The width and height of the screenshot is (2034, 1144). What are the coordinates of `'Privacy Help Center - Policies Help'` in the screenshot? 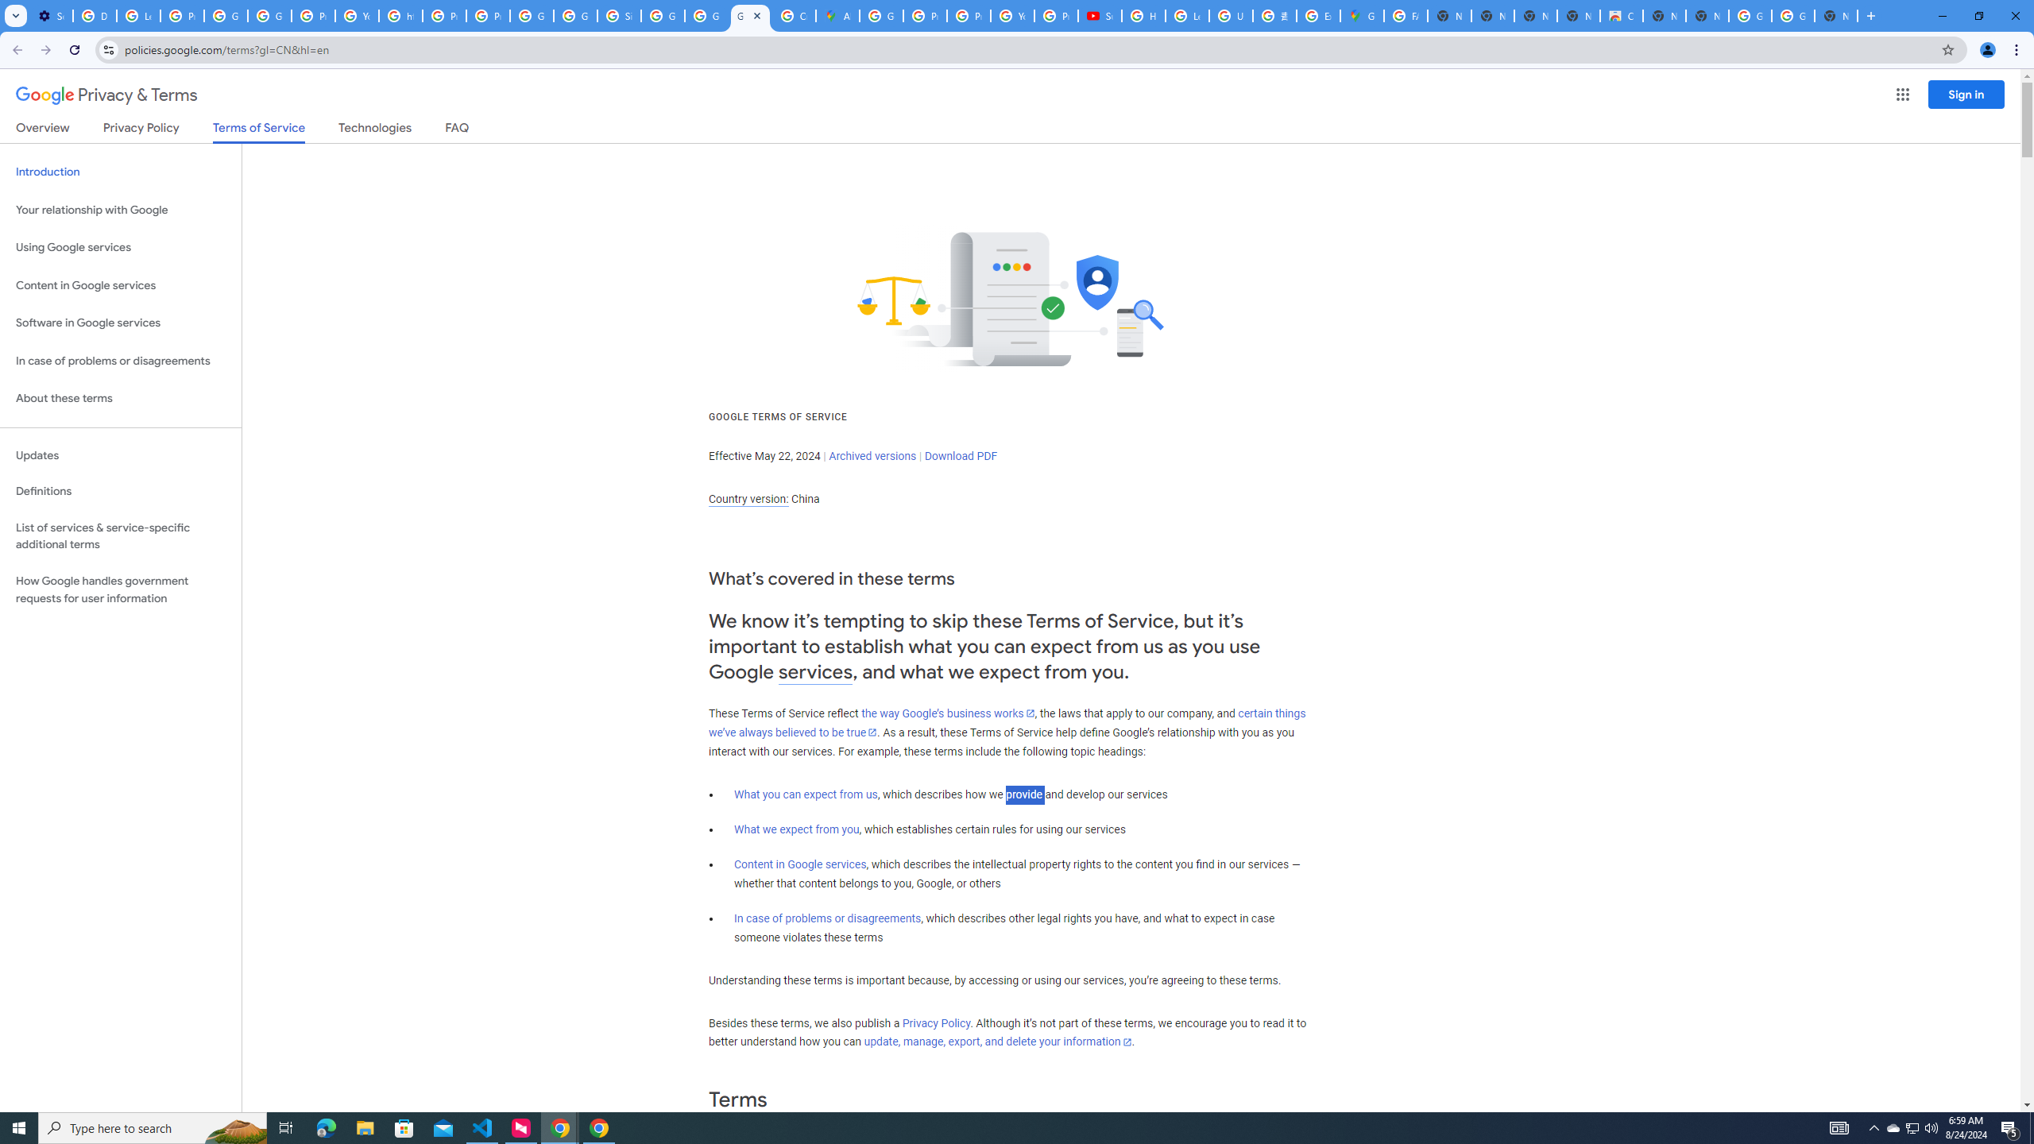 It's located at (924, 15).